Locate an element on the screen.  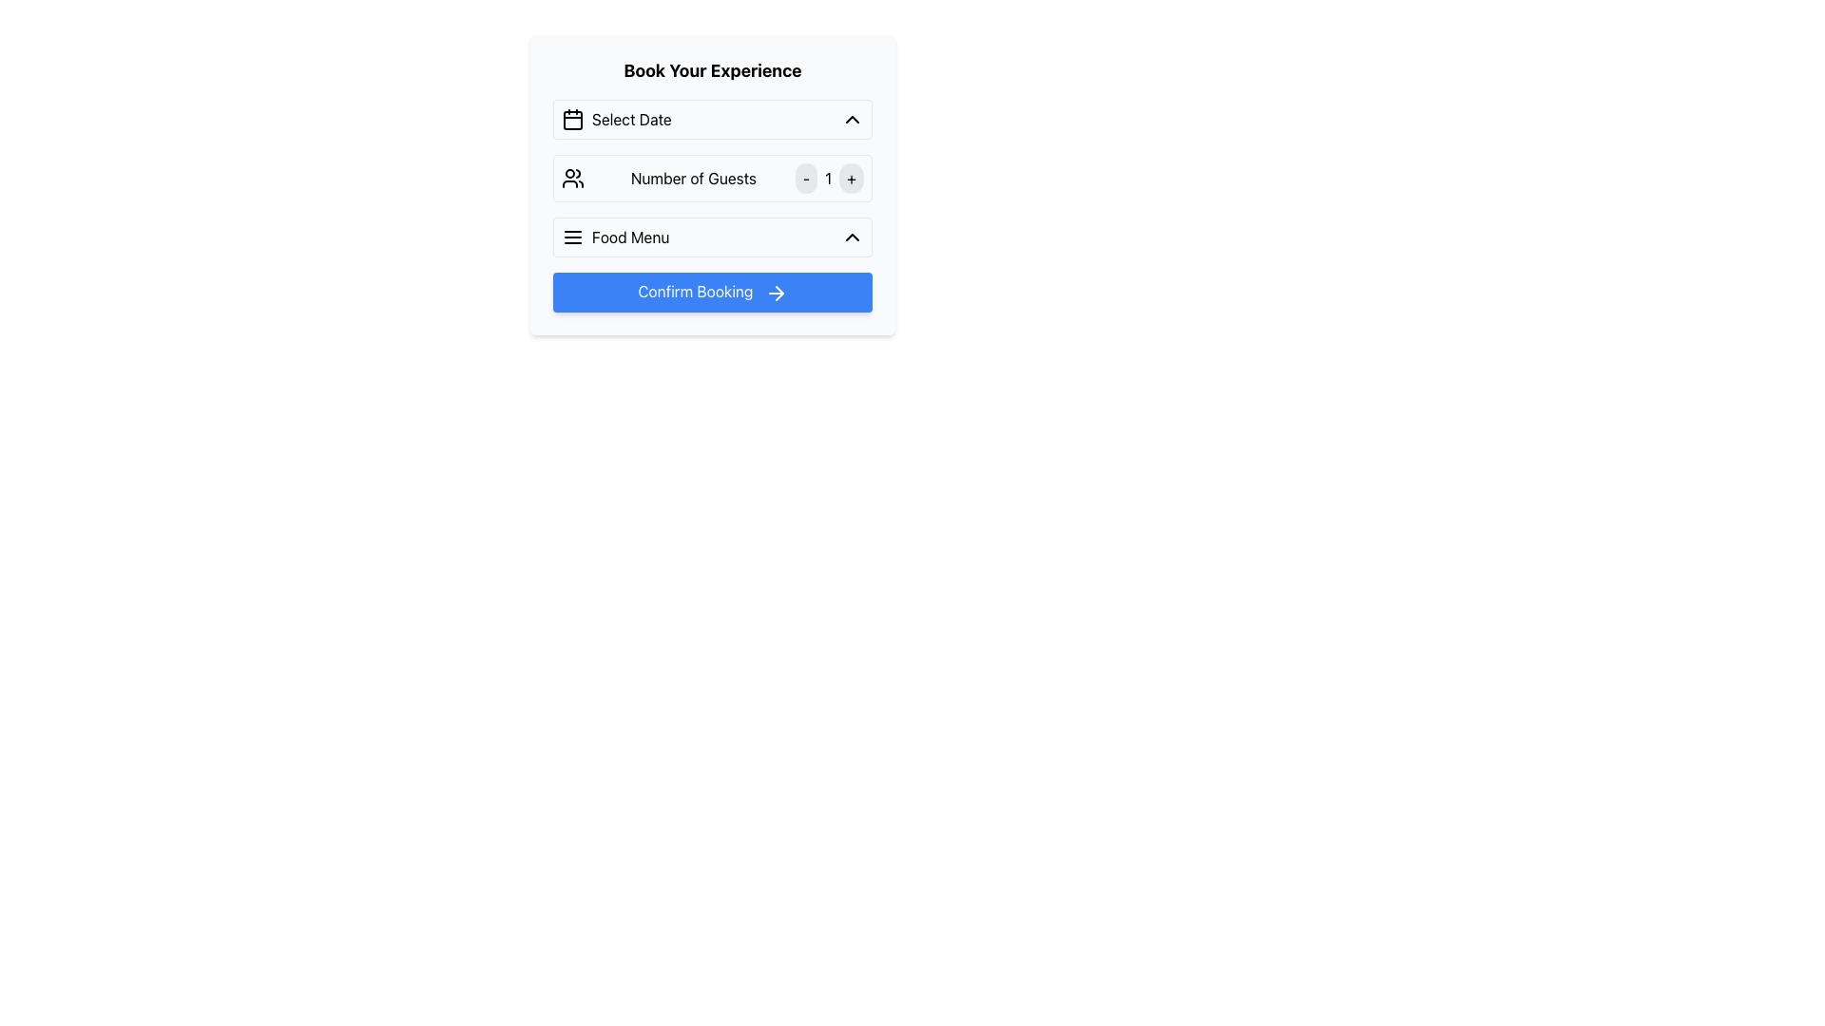
the circular '+' button with a light gray background to increment the number of guests is located at coordinates (851, 179).